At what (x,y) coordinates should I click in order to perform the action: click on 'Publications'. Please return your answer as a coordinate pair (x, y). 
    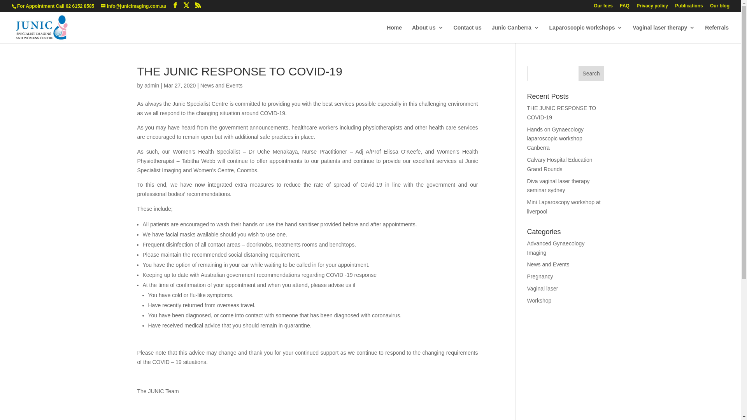
    Looking at the image, I should click on (689, 7).